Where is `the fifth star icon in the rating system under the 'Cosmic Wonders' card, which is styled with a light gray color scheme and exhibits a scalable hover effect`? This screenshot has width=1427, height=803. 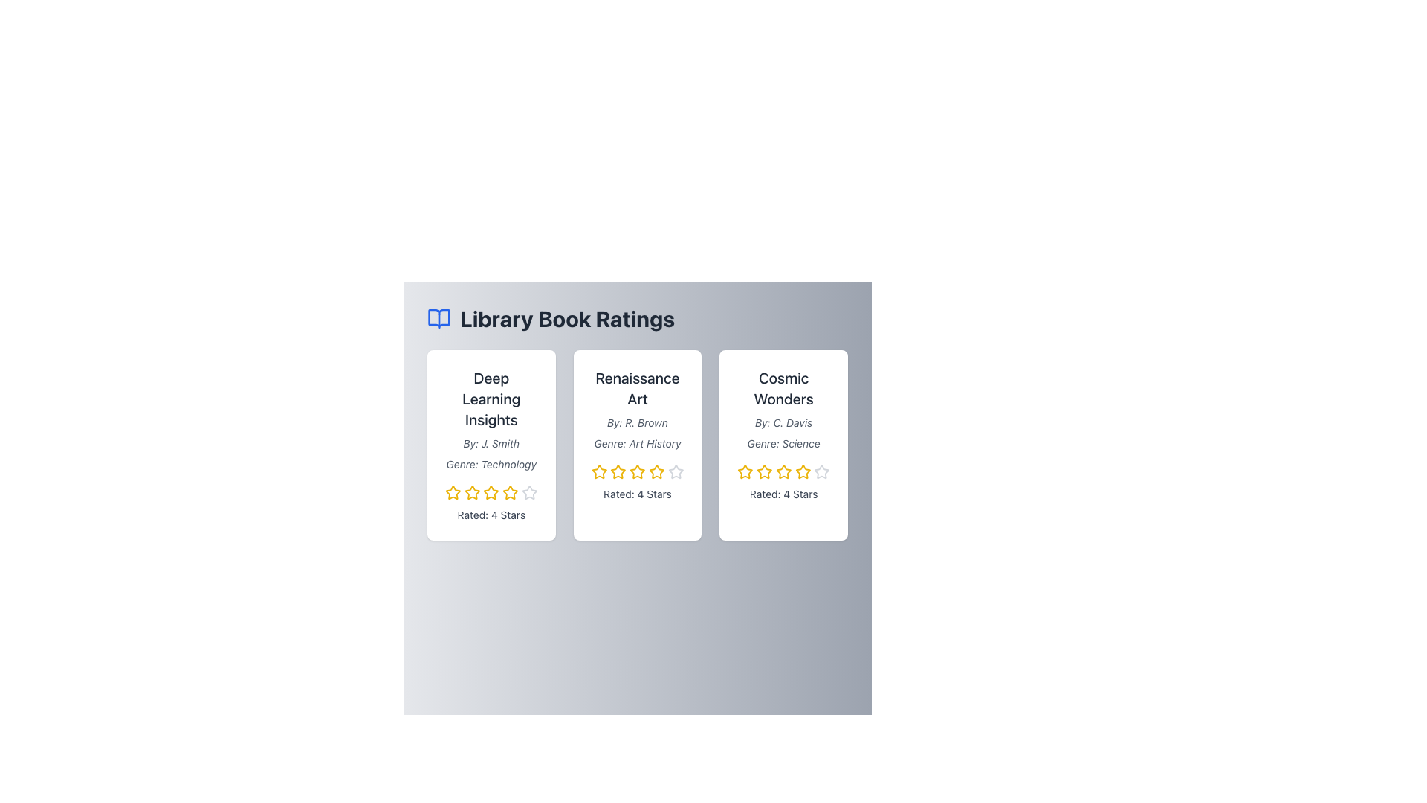
the fifth star icon in the rating system under the 'Cosmic Wonders' card, which is styled with a light gray color scheme and exhibits a scalable hover effect is located at coordinates (821, 472).